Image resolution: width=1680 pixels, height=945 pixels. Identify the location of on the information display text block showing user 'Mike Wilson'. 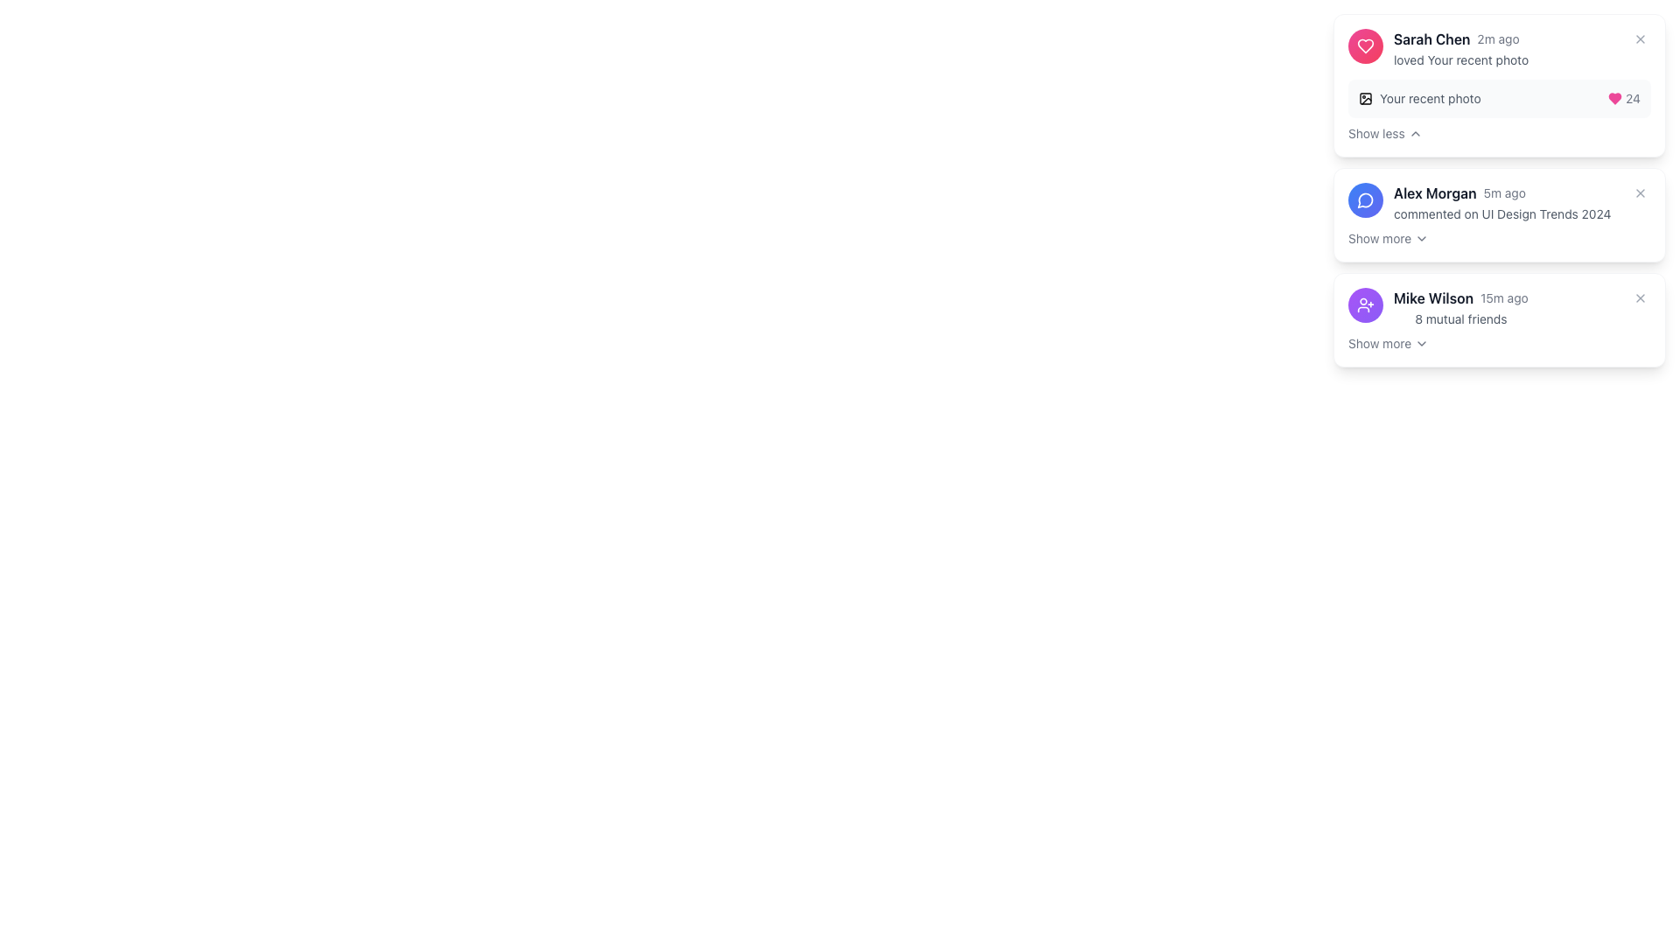
(1460, 306).